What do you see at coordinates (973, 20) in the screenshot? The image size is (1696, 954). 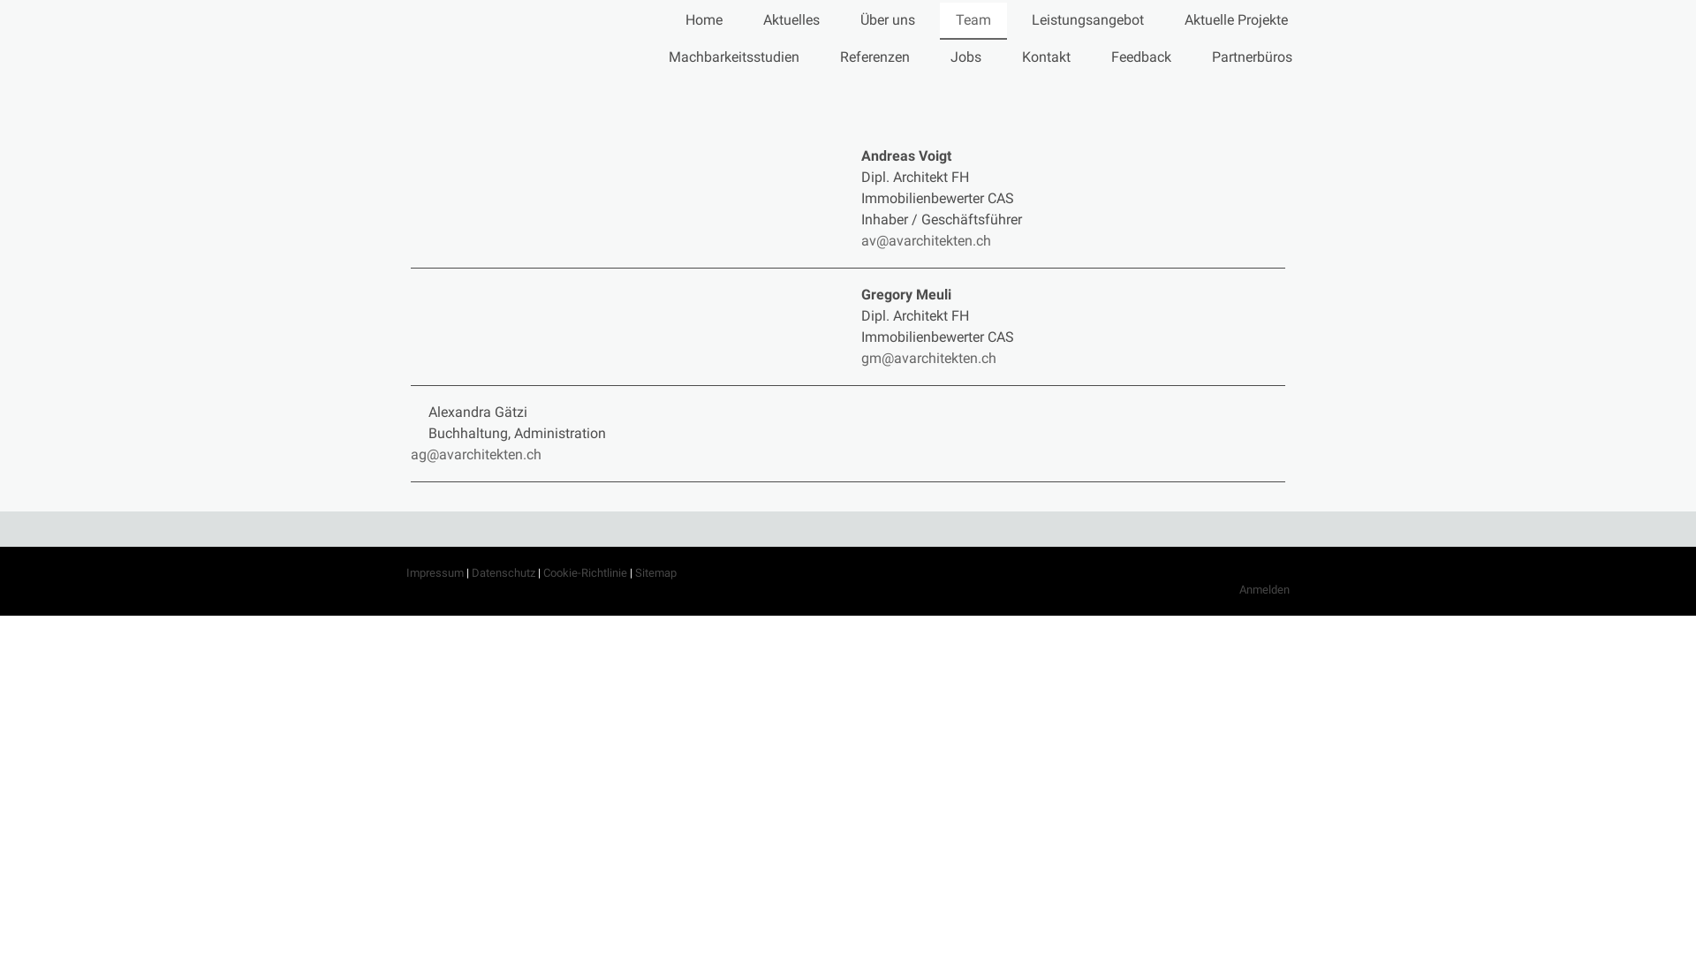 I see `'Team'` at bounding box center [973, 20].